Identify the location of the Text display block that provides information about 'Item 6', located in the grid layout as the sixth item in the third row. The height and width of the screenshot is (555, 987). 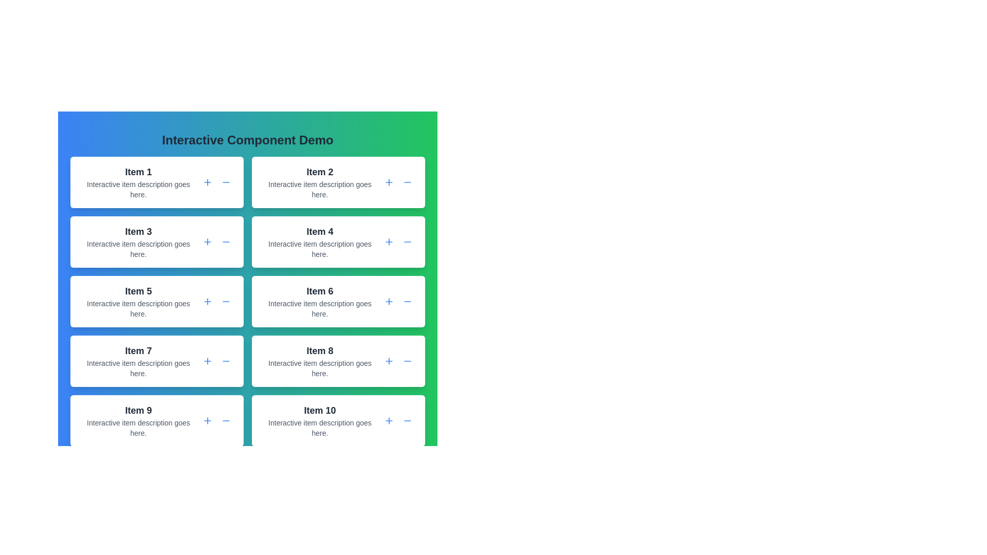
(319, 301).